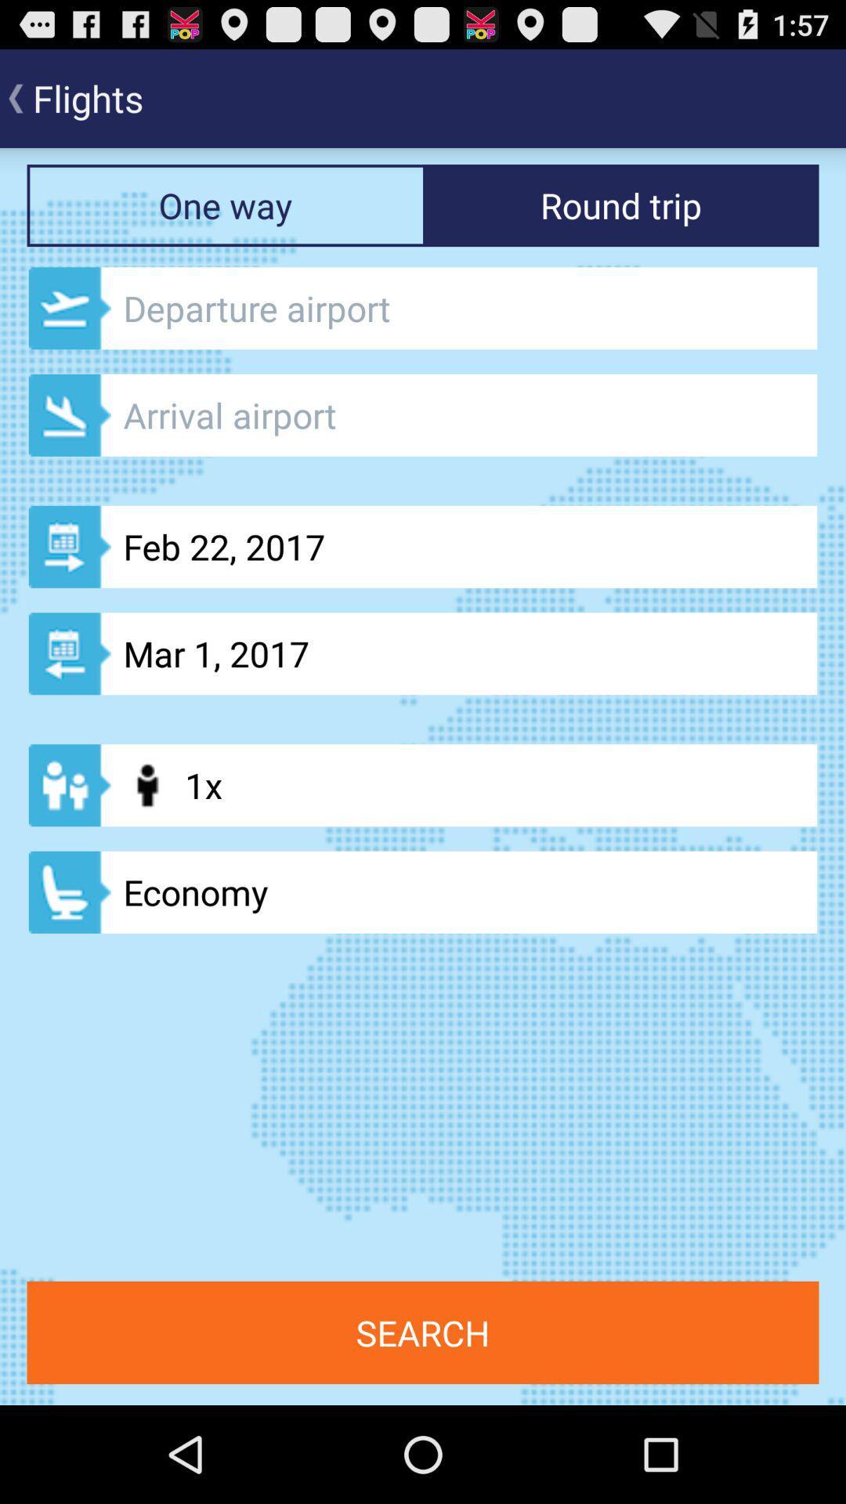 The image size is (846, 1504). Describe the element at coordinates (423, 308) in the screenshot. I see `textbox to enter depature airport` at that location.